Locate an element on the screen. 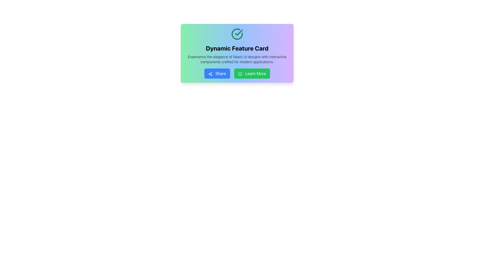  the upper arc of the circular check icon, which is visually represented as a green segment within an SVG graphic, located above the 'Dynamic Feature Card' title is located at coordinates (237, 34).